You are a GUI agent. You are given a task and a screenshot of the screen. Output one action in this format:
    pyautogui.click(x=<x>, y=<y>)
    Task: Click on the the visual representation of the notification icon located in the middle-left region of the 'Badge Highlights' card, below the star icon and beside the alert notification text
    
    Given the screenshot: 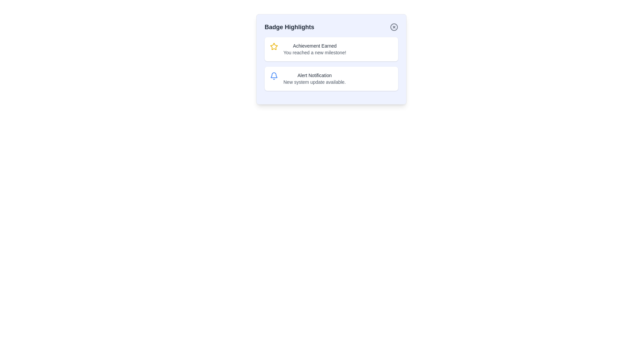 What is the action you would take?
    pyautogui.click(x=274, y=75)
    